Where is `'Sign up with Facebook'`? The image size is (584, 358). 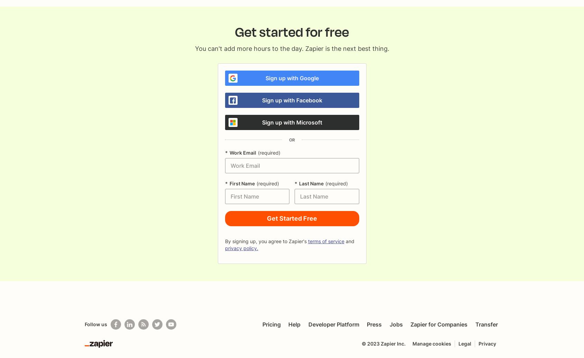 'Sign up with Facebook' is located at coordinates (261, 100).